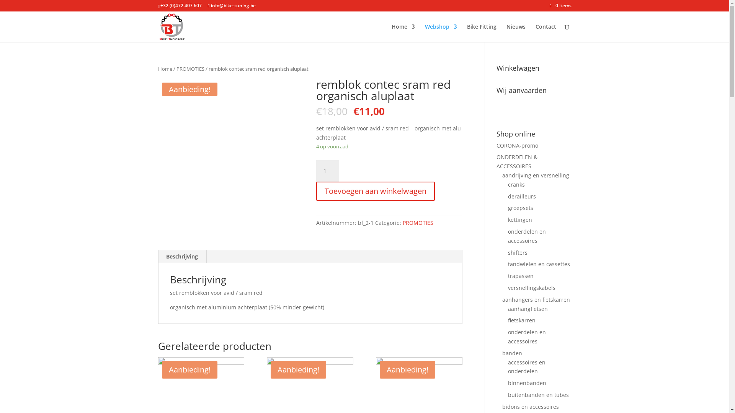  What do you see at coordinates (512, 353) in the screenshot?
I see `'banden'` at bounding box center [512, 353].